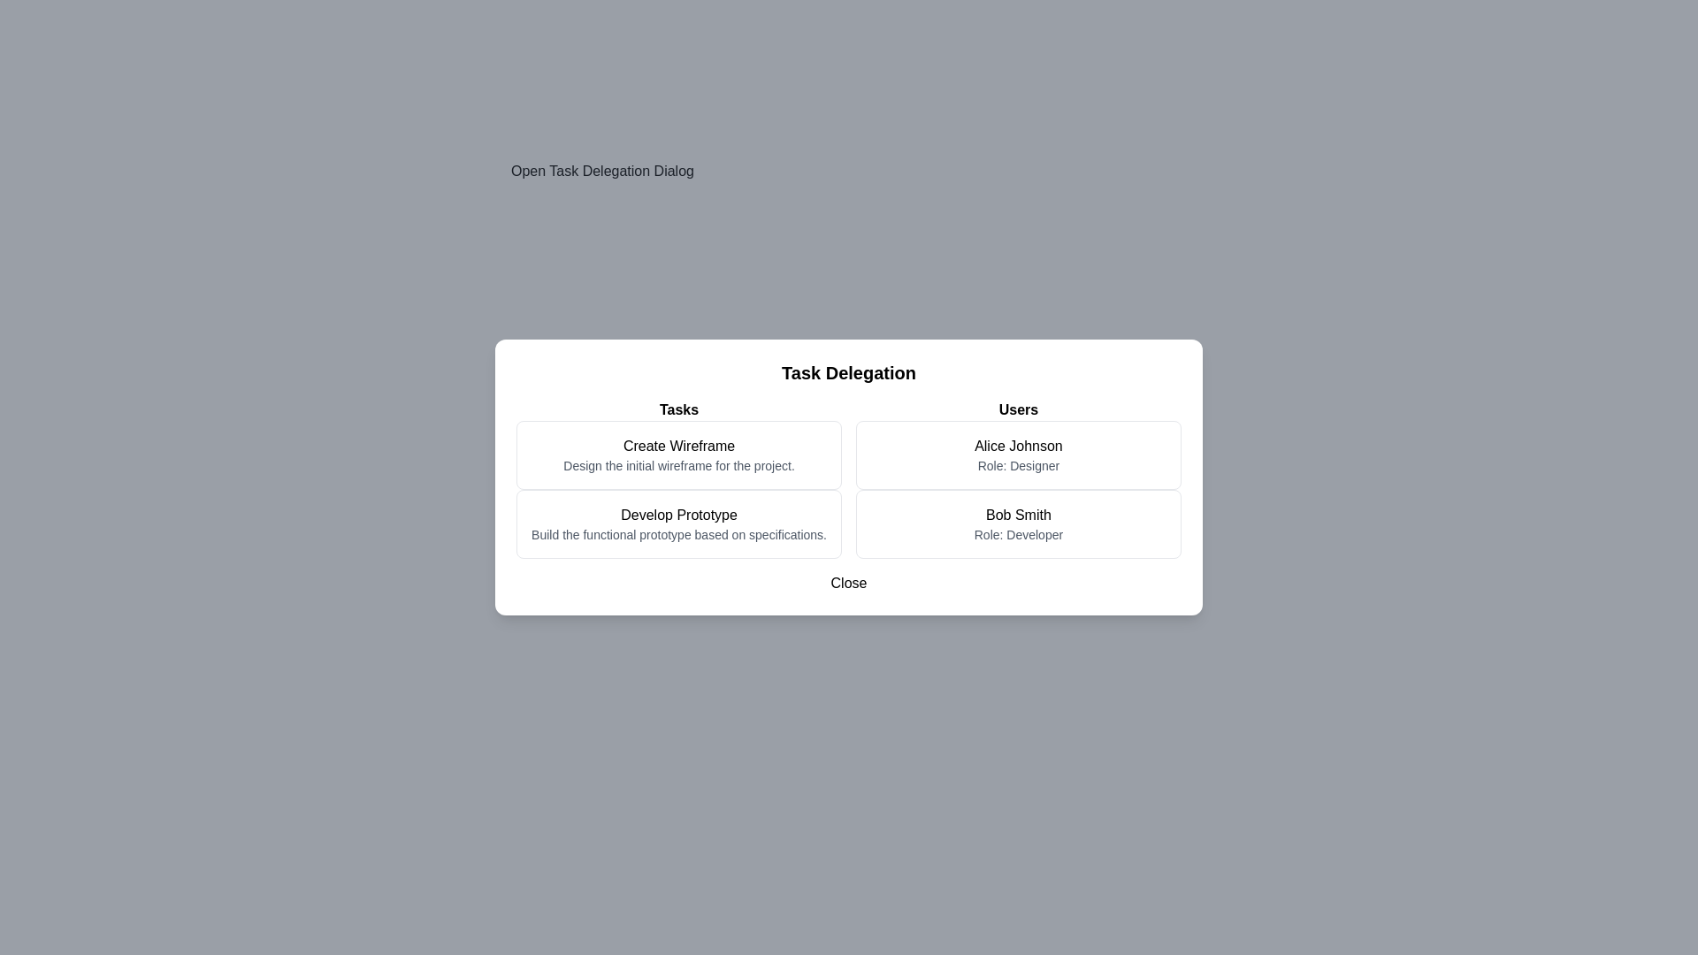  What do you see at coordinates (678, 455) in the screenshot?
I see `the task 'Create Wireframe' from the list` at bounding box center [678, 455].